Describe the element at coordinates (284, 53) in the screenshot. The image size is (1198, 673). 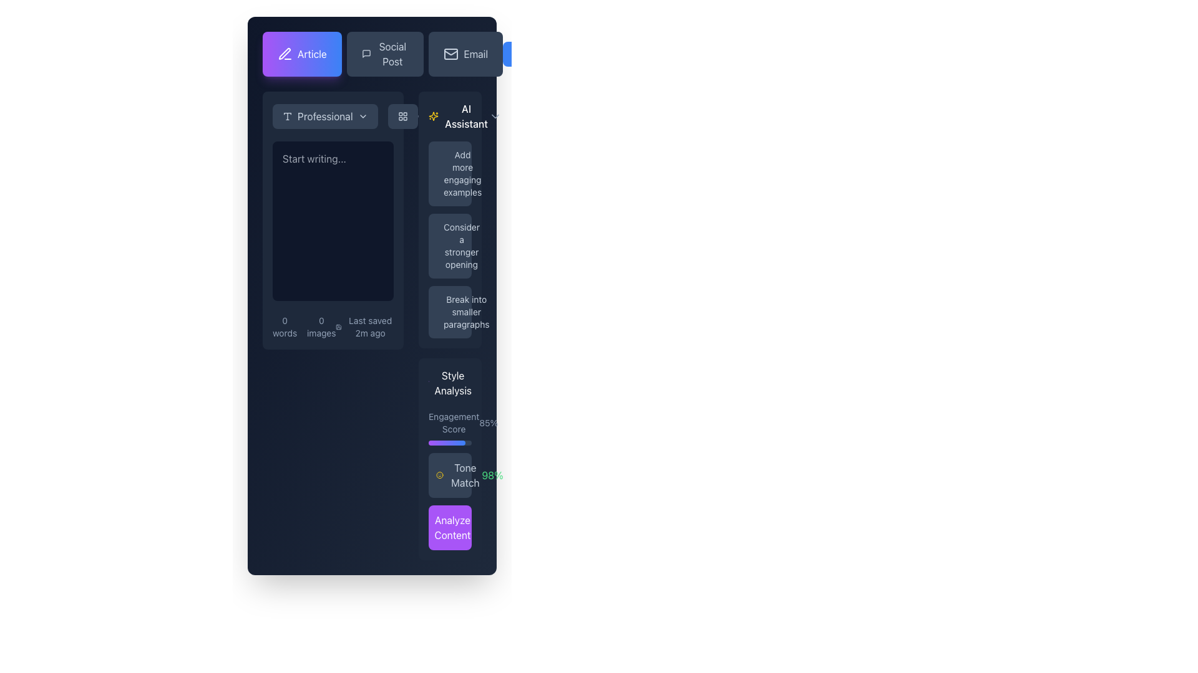
I see `the decorative or functional icon associated with the 'Article' button located at the top-left portion of the navigation interface` at that location.